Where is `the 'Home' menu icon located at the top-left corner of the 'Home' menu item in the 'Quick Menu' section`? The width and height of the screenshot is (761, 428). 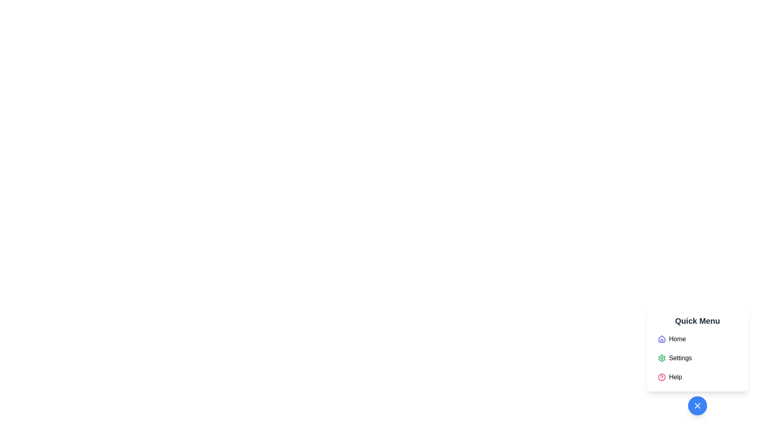 the 'Home' menu icon located at the top-left corner of the 'Home' menu item in the 'Quick Menu' section is located at coordinates (662, 339).